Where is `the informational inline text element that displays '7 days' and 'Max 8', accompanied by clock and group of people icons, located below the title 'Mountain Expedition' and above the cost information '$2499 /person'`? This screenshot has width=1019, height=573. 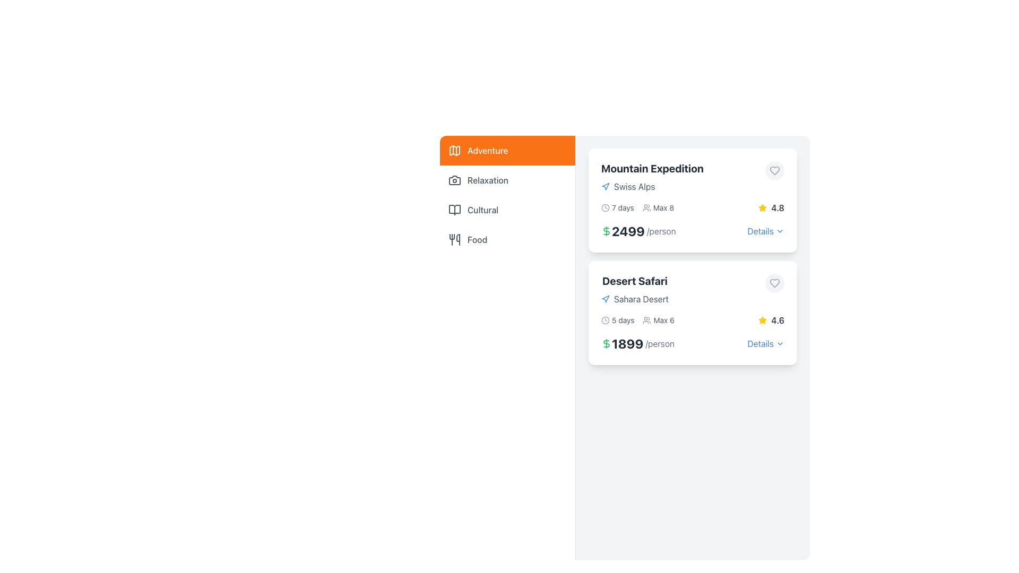
the informational inline text element that displays '7 days' and 'Max 8', accompanied by clock and group of people icons, located below the title 'Mountain Expedition' and above the cost information '$2499 /person' is located at coordinates (637, 208).